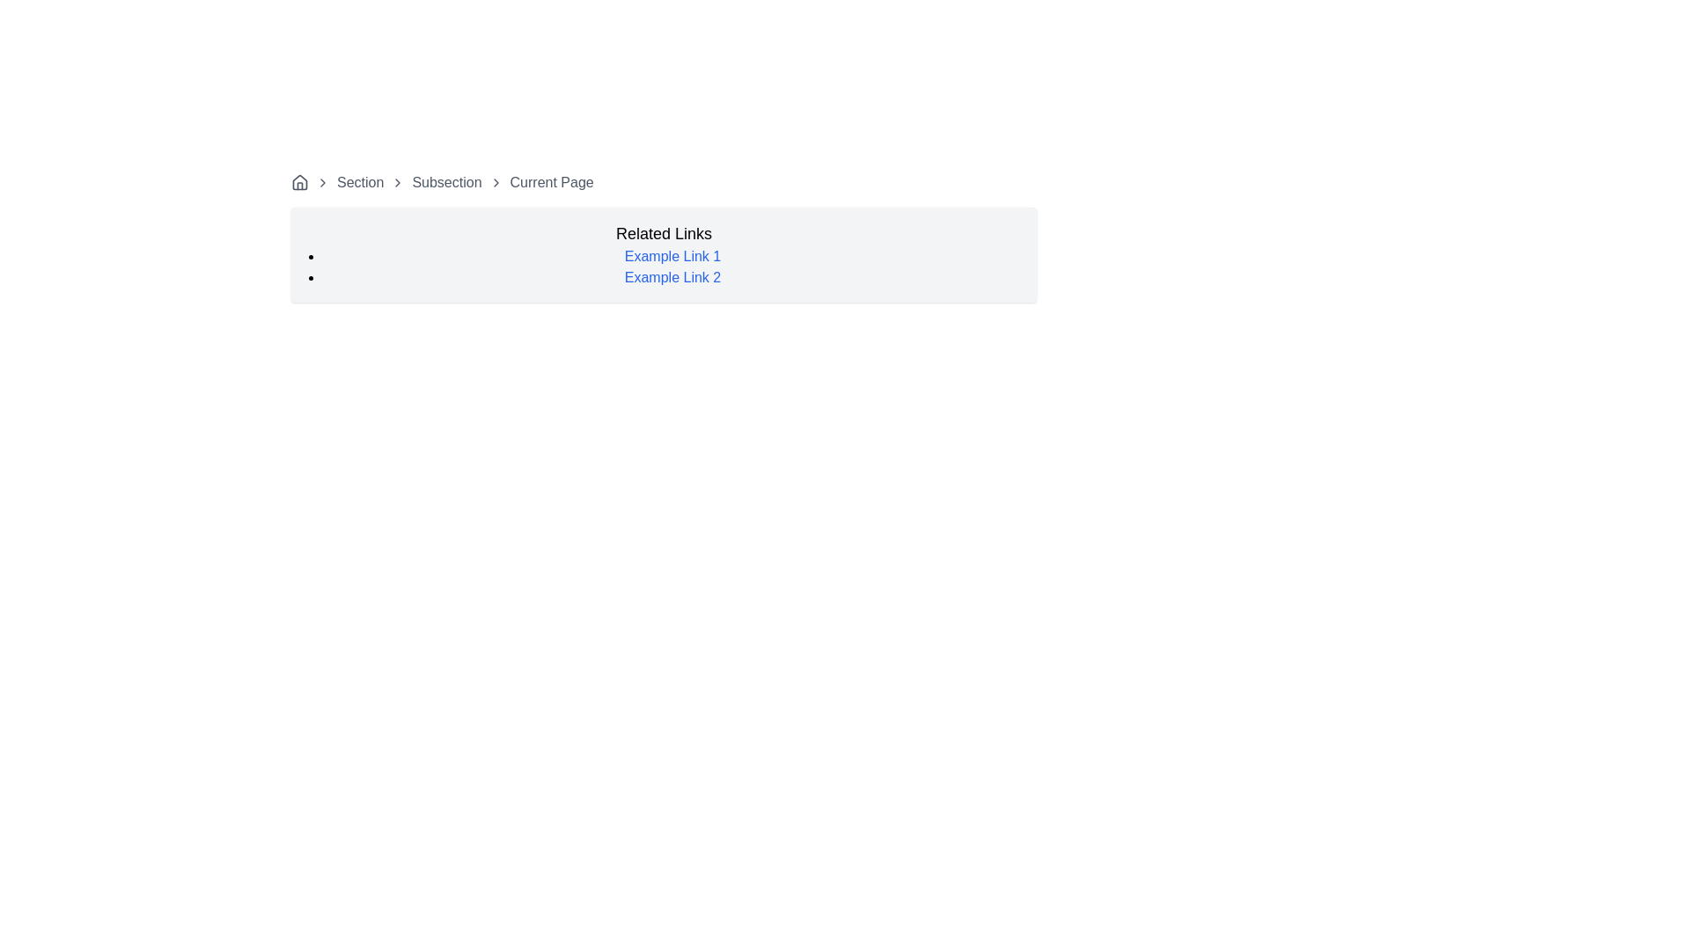  What do you see at coordinates (672, 277) in the screenshot?
I see `the second item in the 'Related Links' section` at bounding box center [672, 277].